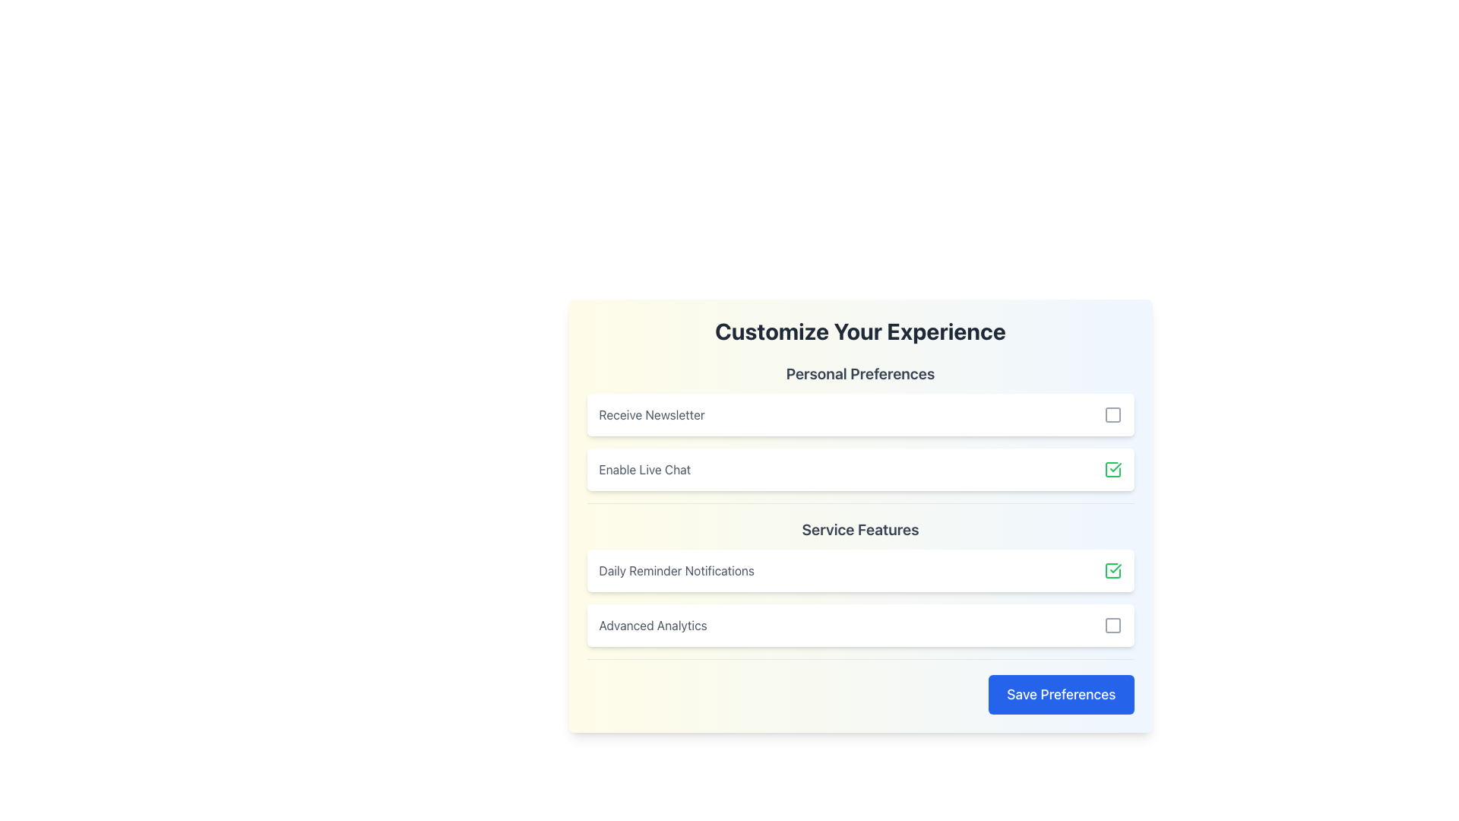 The height and width of the screenshot is (821, 1459). I want to click on the toggleable option for enabling the live chat feature, located below 'Receive Newsletter' and above 'Service Features' in the 'Personal Preferences' section, so click(860, 468).